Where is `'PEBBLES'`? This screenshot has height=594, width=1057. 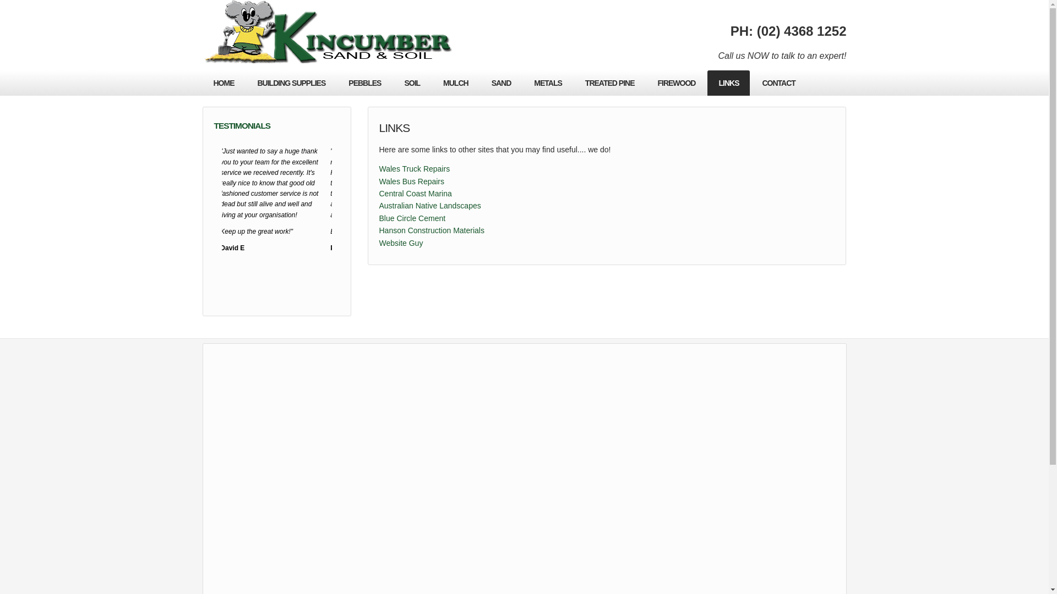 'PEBBLES' is located at coordinates (364, 82).